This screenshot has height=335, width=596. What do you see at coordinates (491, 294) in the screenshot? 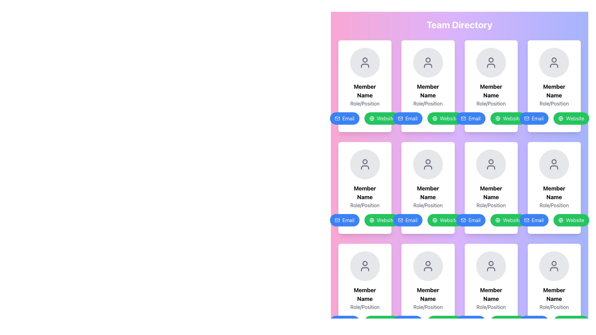
I see `the 'Member Name' label, which is a bold and large text block located below the circular avatar placeholder on a member card layout, positioned in the last column of the bottom row of the grid` at bounding box center [491, 294].